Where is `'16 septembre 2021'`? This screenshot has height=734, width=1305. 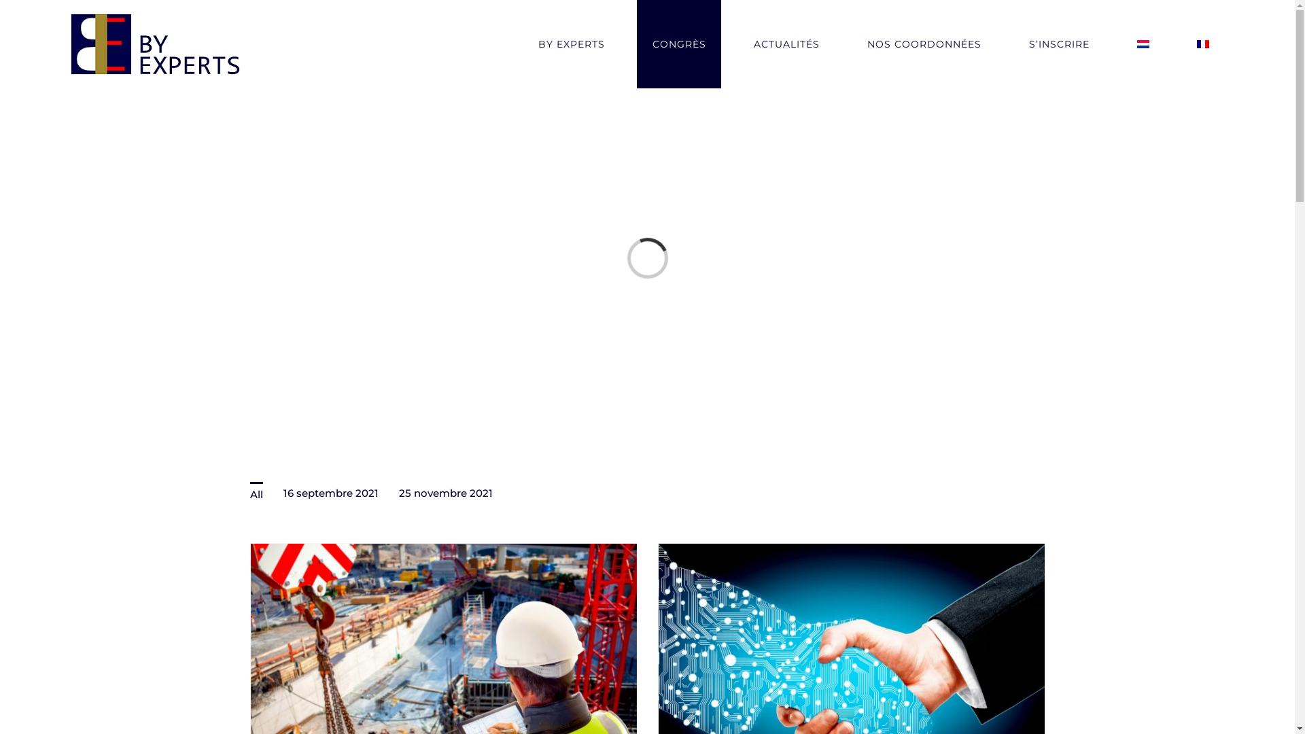
'16 septembre 2021' is located at coordinates (330, 493).